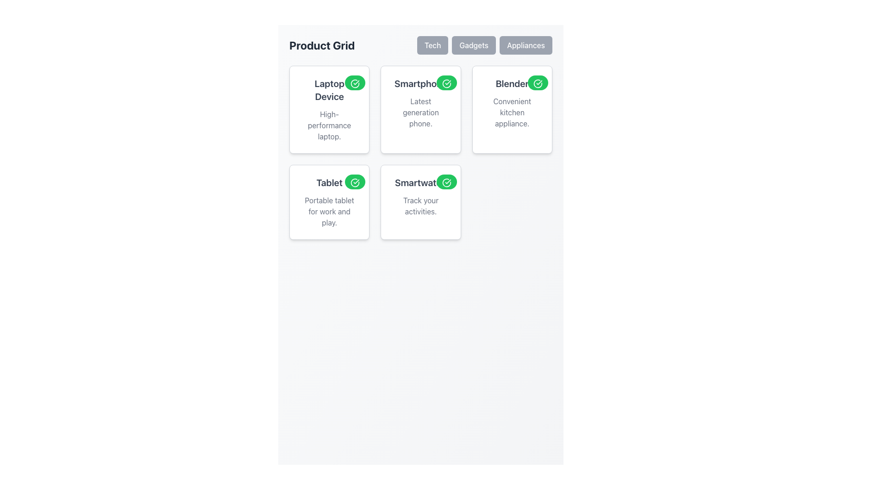 This screenshot has height=500, width=889. What do you see at coordinates (420, 112) in the screenshot?
I see `the static text element providing a tagline for the item 'Smartphone', located below the title in the second card of a grid layout` at bounding box center [420, 112].